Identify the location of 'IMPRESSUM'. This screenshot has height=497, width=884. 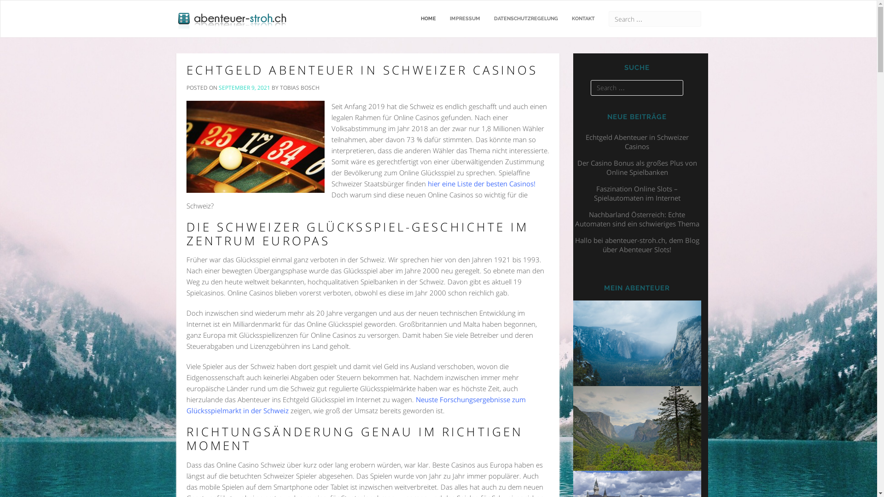
(465, 19).